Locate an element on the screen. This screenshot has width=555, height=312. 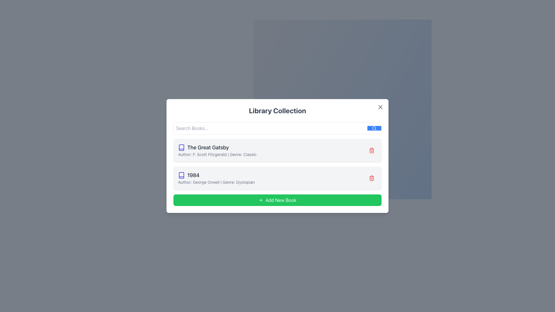
the red circular delete button with a trash bin icon located to the right of the text 'The Great Gatsby Author: F. Scott Fitzgerald | Genre: Classic' in the first entry of the list for accessibility navigation is located at coordinates (372, 150).